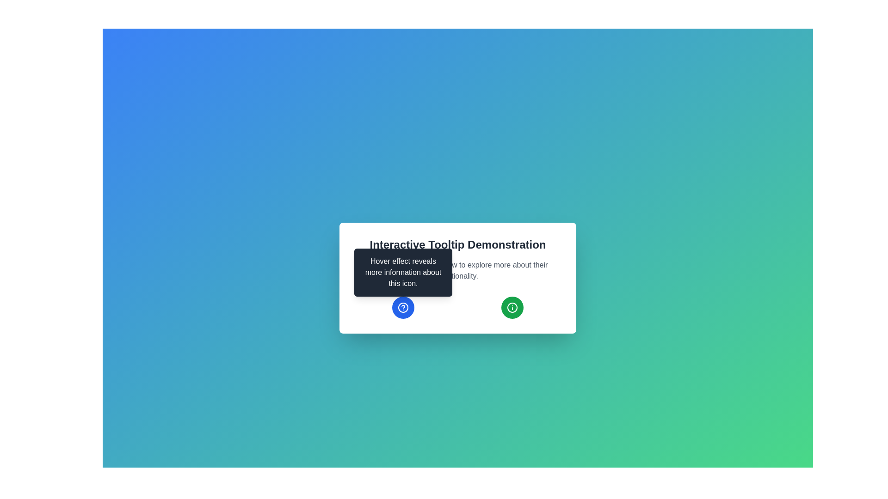  I want to click on the static text component that instructs users to interact with the buttons below, located below the heading 'Interactive Tooltip Demonstration', so click(457, 270).